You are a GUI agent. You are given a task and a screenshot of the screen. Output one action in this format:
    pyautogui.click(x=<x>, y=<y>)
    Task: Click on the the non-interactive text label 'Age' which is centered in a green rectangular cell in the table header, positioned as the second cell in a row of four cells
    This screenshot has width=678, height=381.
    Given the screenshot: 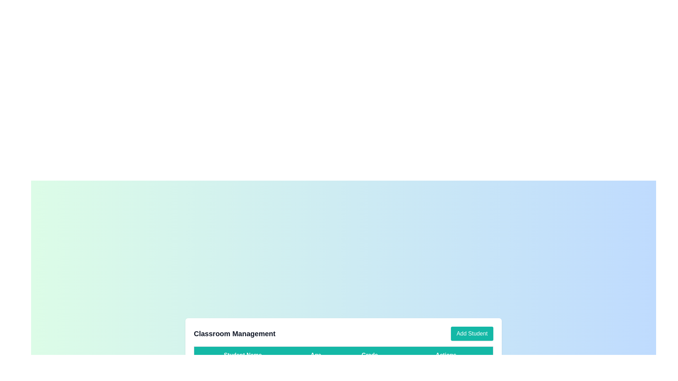 What is the action you would take?
    pyautogui.click(x=315, y=355)
    